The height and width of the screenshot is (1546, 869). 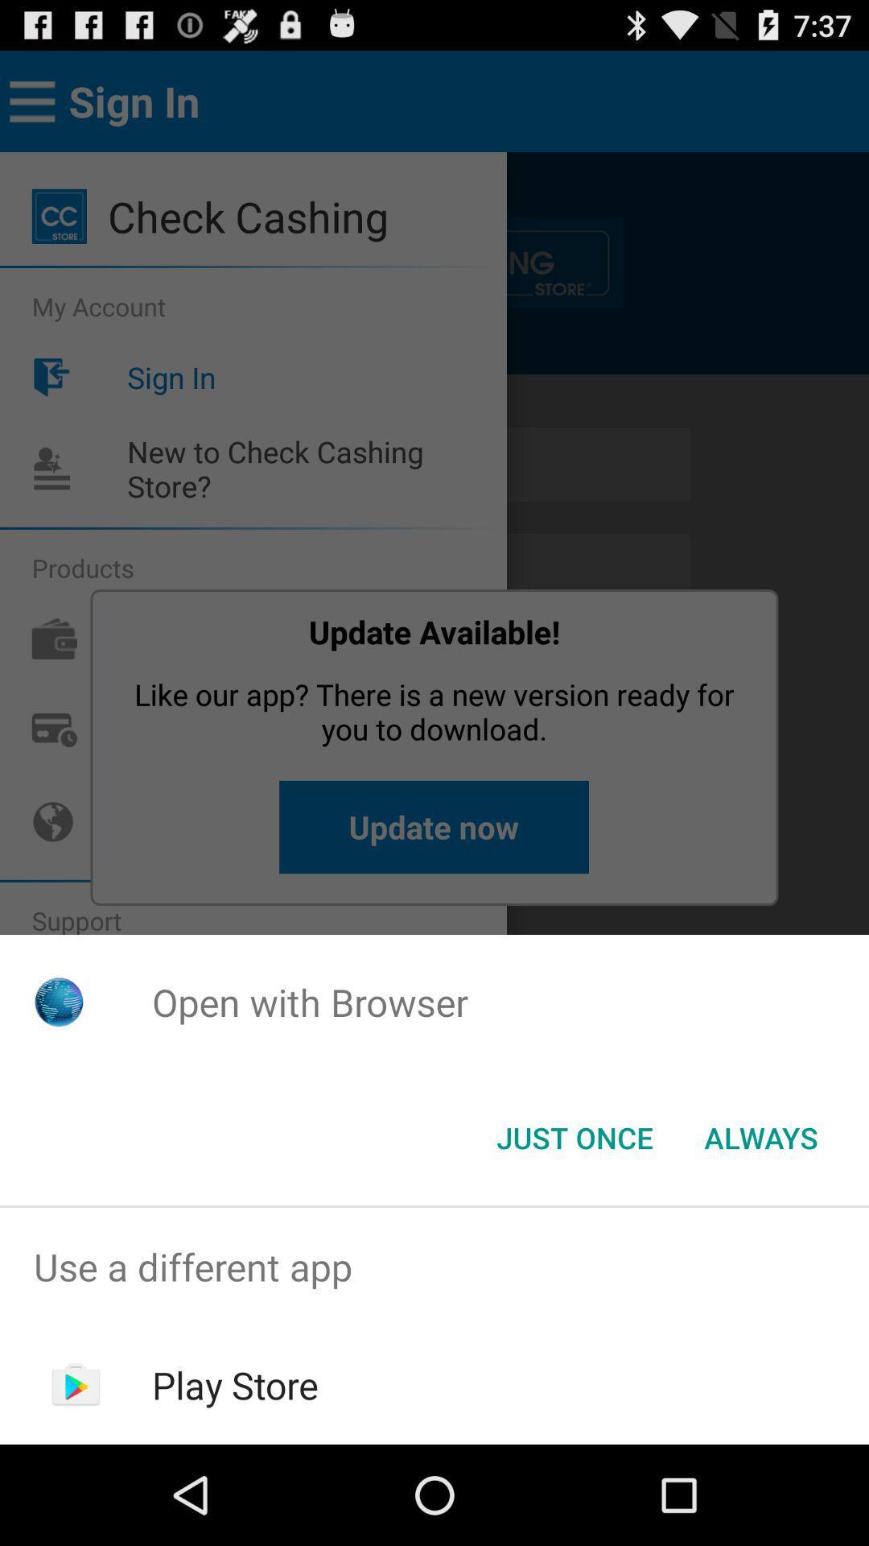 I want to click on the icon below the open with browser item, so click(x=760, y=1136).